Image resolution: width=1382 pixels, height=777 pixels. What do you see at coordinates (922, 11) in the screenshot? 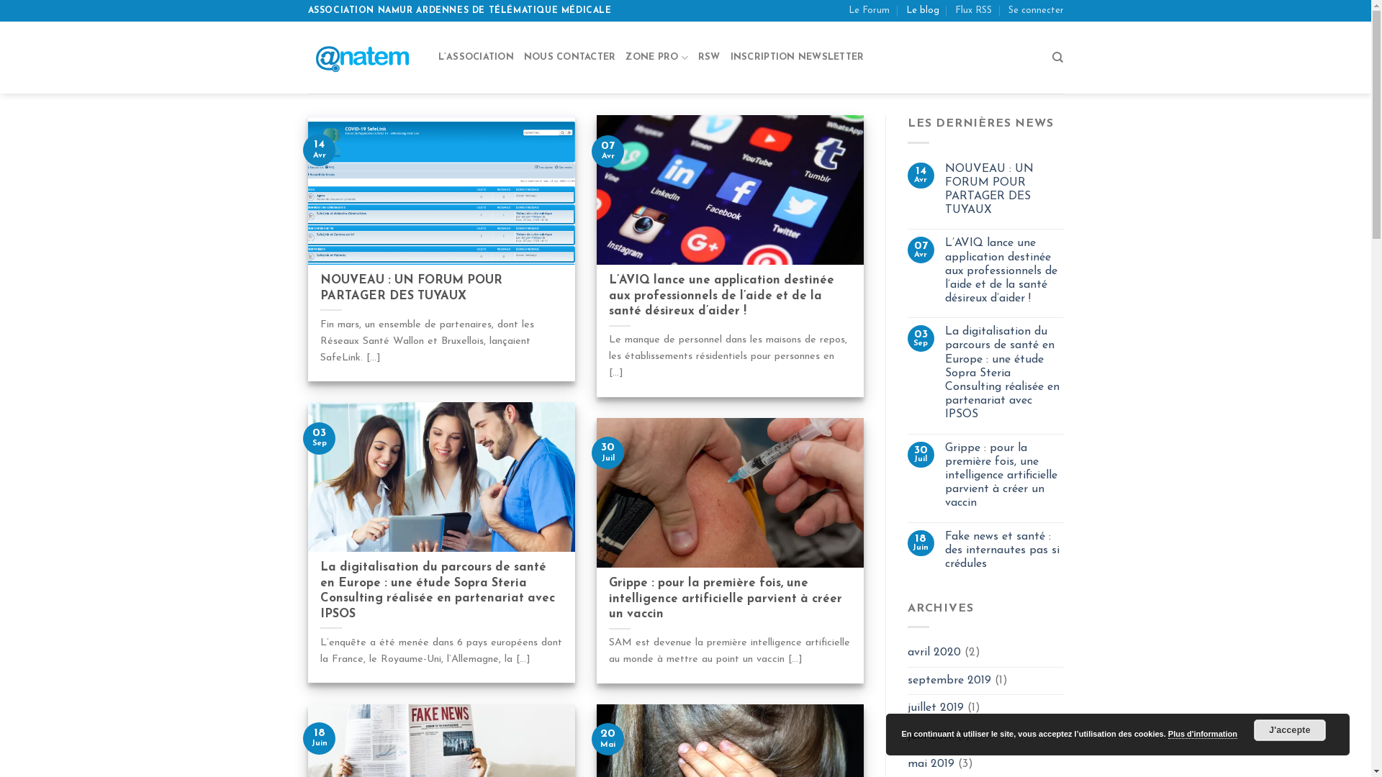
I see `'Le blog'` at bounding box center [922, 11].